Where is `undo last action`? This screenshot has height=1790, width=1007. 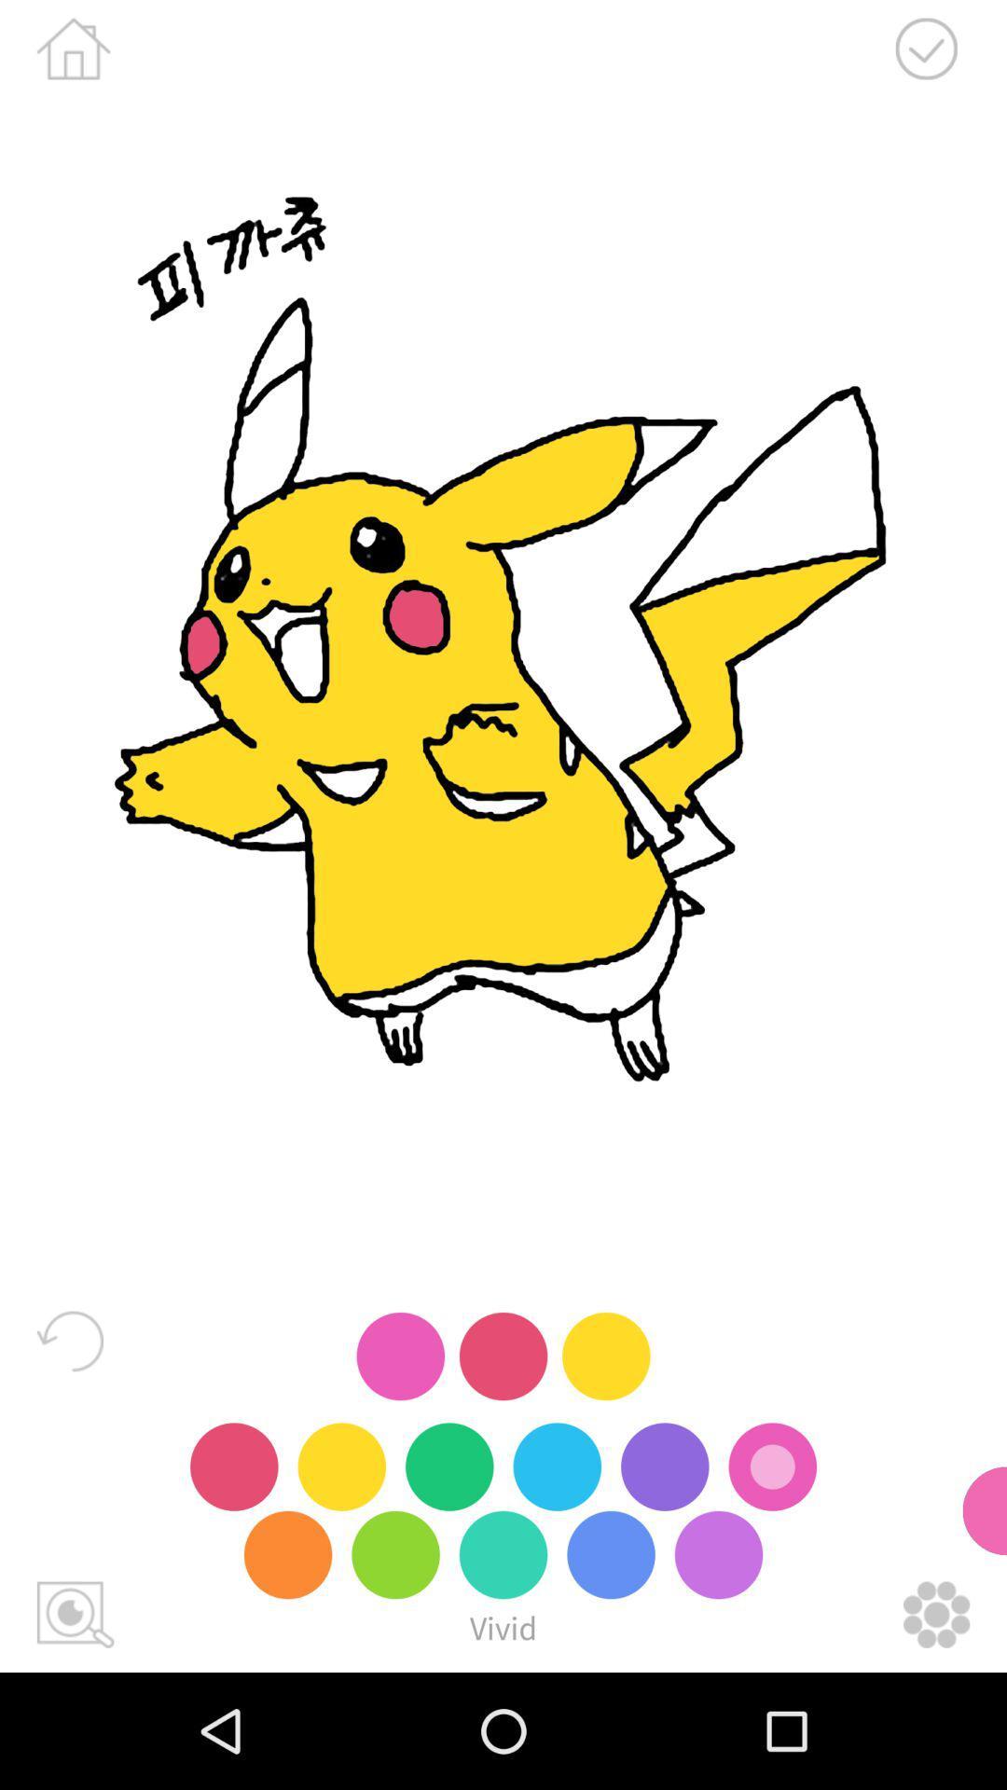 undo last action is located at coordinates (69, 1340).